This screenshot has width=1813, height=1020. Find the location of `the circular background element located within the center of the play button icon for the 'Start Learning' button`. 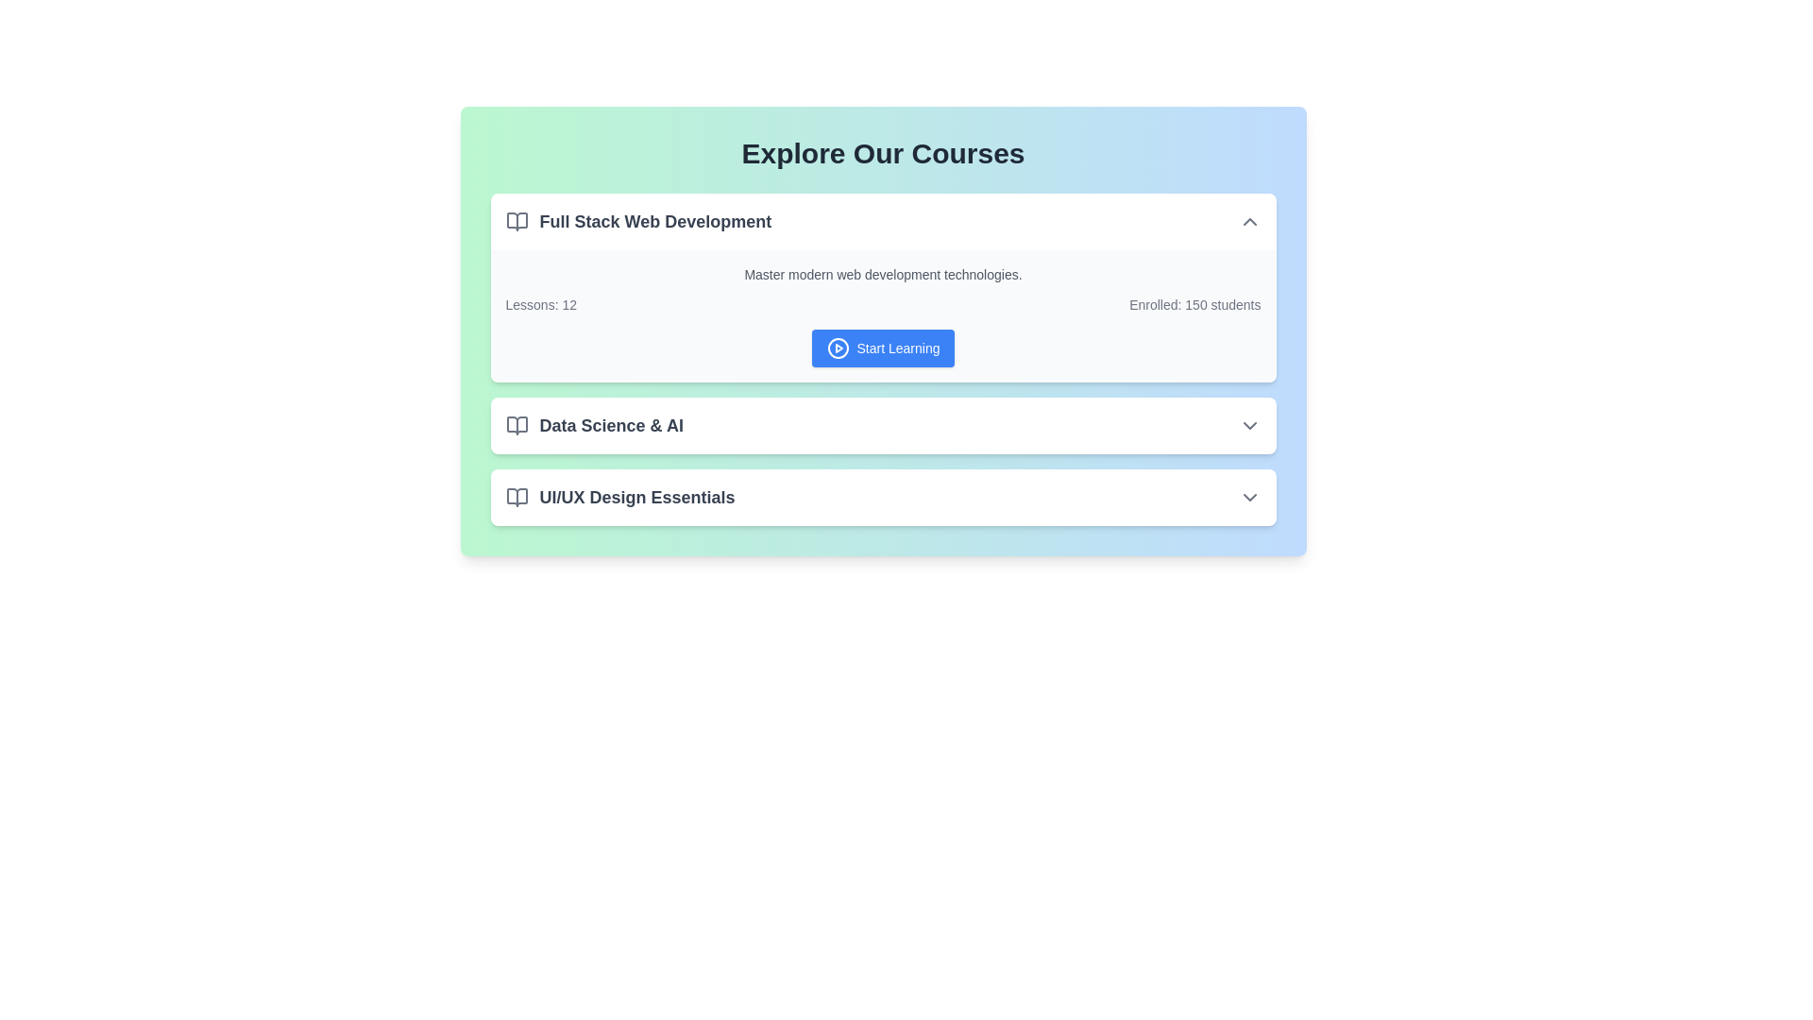

the circular background element located within the center of the play button icon for the 'Start Learning' button is located at coordinates (837, 348).